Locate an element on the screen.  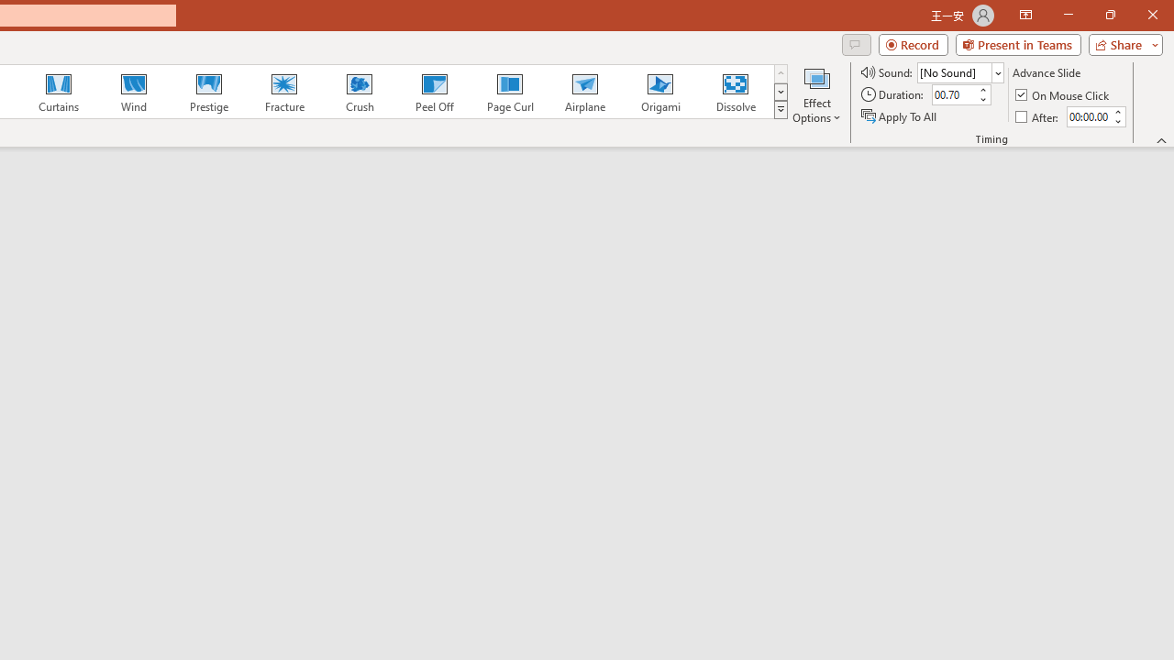
'Airplane' is located at coordinates (583, 92).